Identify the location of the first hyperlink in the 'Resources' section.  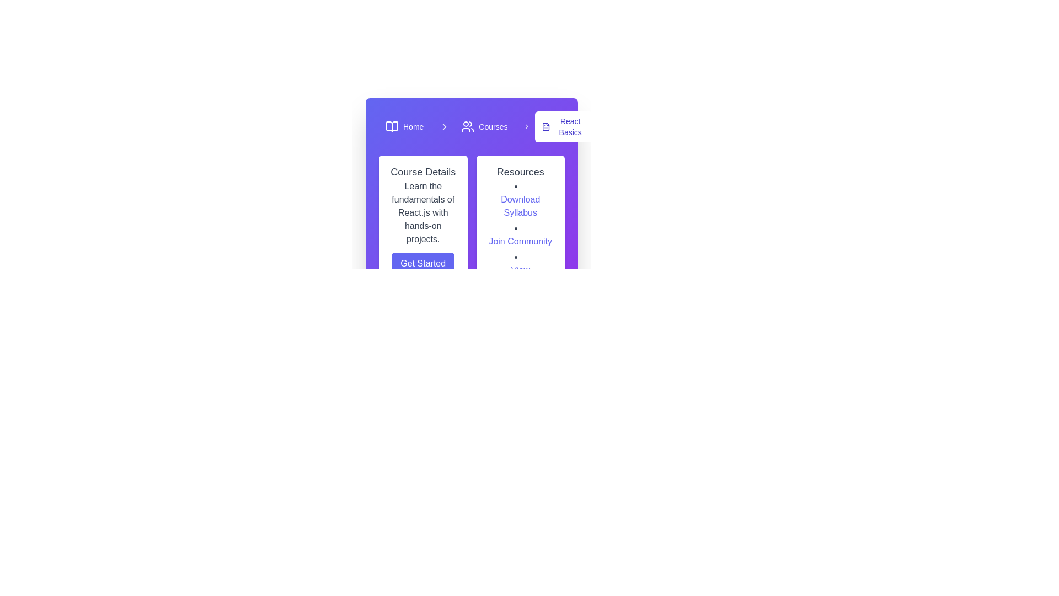
(520, 206).